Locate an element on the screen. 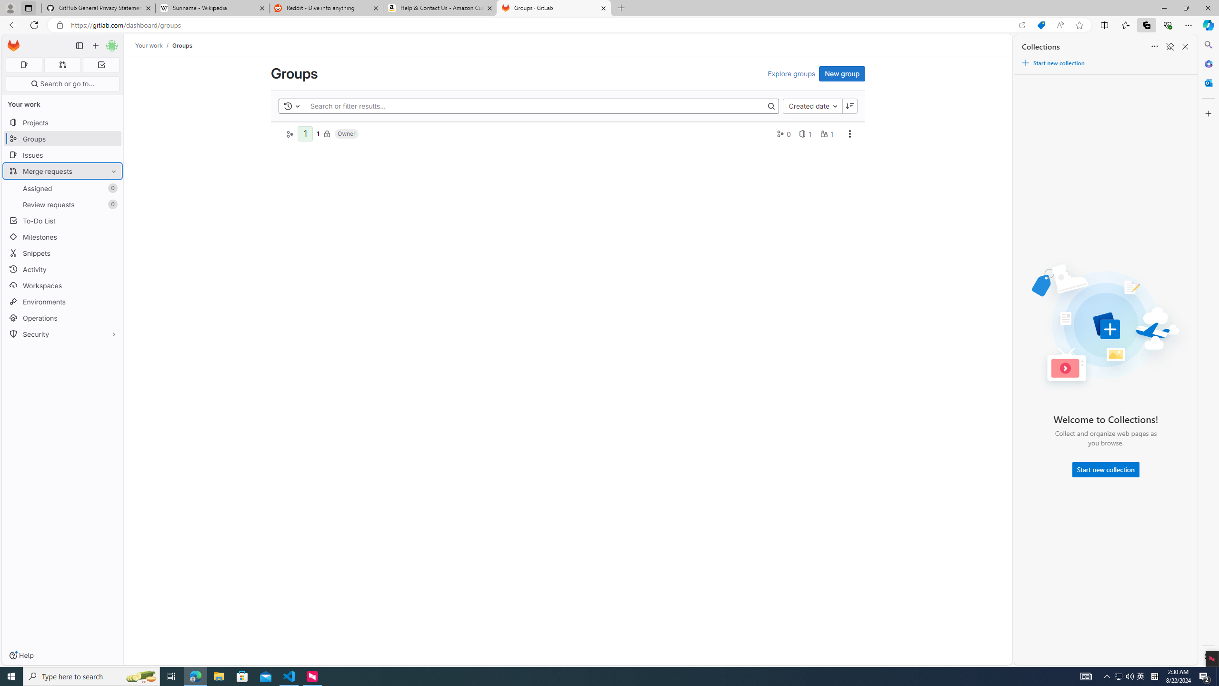 The height and width of the screenshot is (686, 1219). 'Issues' is located at coordinates (62, 155).